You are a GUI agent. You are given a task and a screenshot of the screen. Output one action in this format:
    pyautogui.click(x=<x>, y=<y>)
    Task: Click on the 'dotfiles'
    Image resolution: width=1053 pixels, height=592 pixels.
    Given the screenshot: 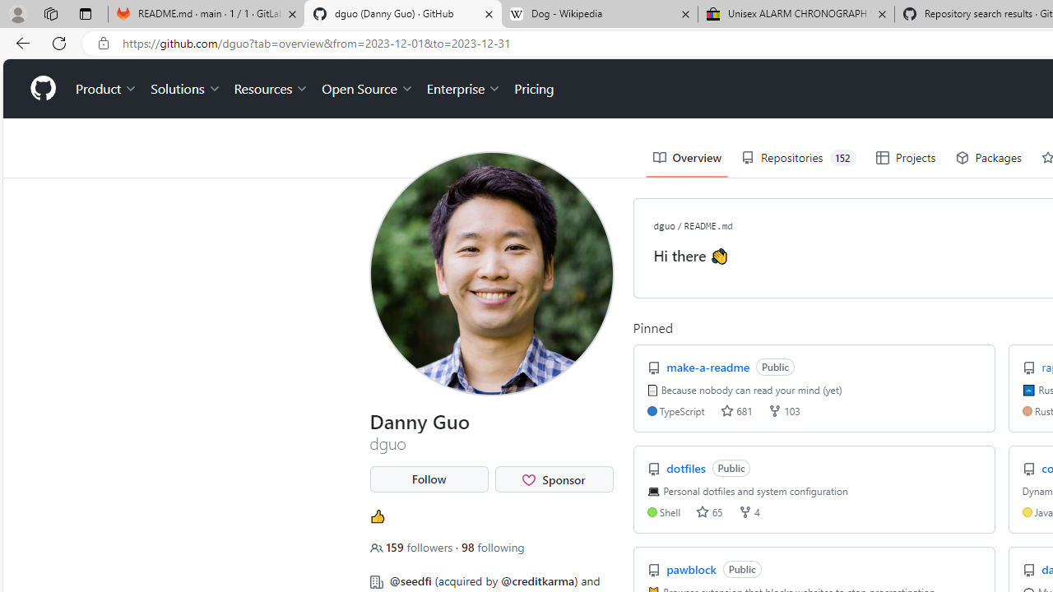 What is the action you would take?
    pyautogui.click(x=687, y=467)
    